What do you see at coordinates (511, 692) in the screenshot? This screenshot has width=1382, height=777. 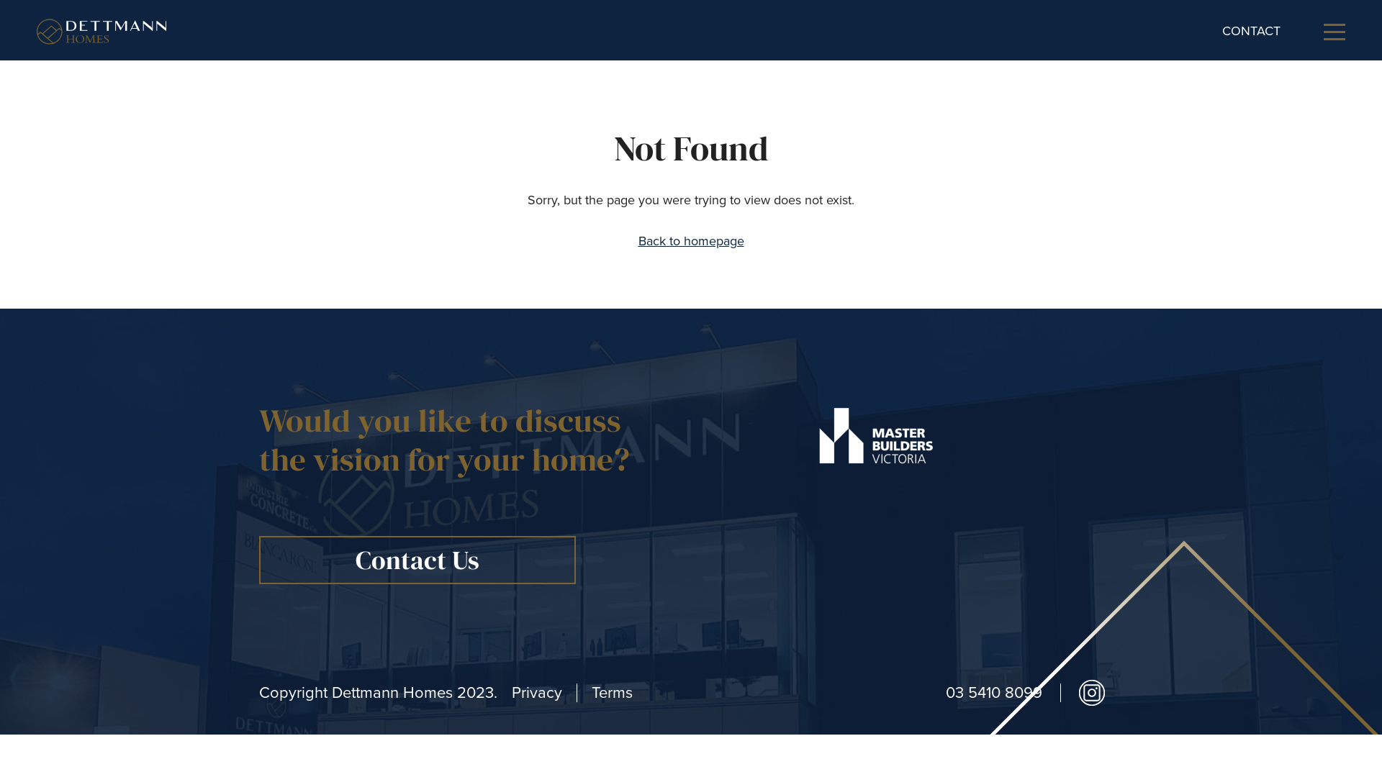 I see `'Privacy'` at bounding box center [511, 692].